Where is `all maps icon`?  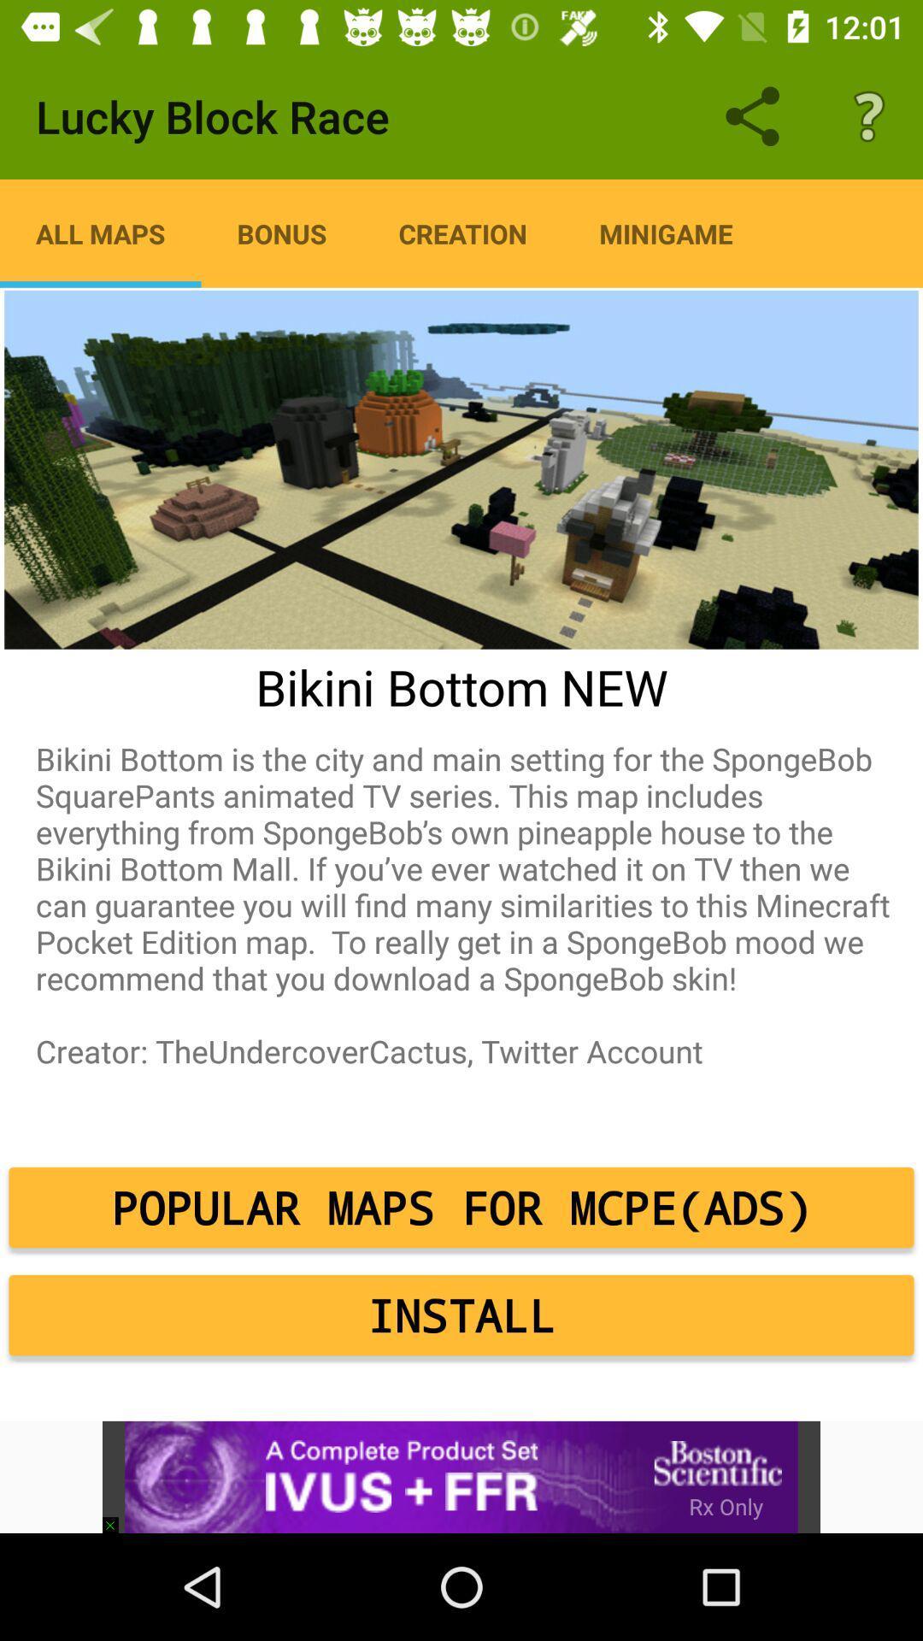 all maps icon is located at coordinates (100, 232).